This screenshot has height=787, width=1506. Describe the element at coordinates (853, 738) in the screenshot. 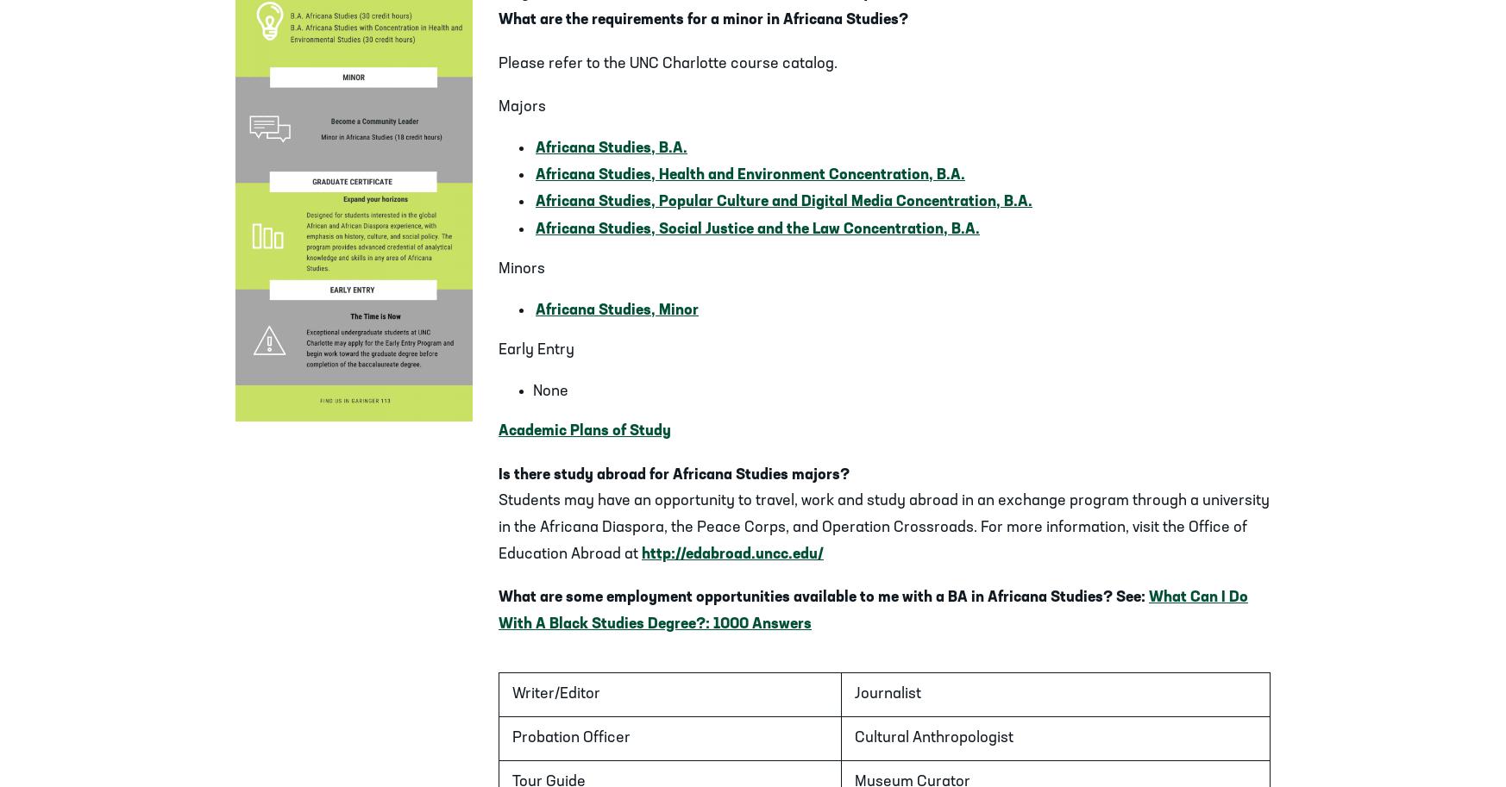

I see `'Cultural Anthropologist'` at that location.